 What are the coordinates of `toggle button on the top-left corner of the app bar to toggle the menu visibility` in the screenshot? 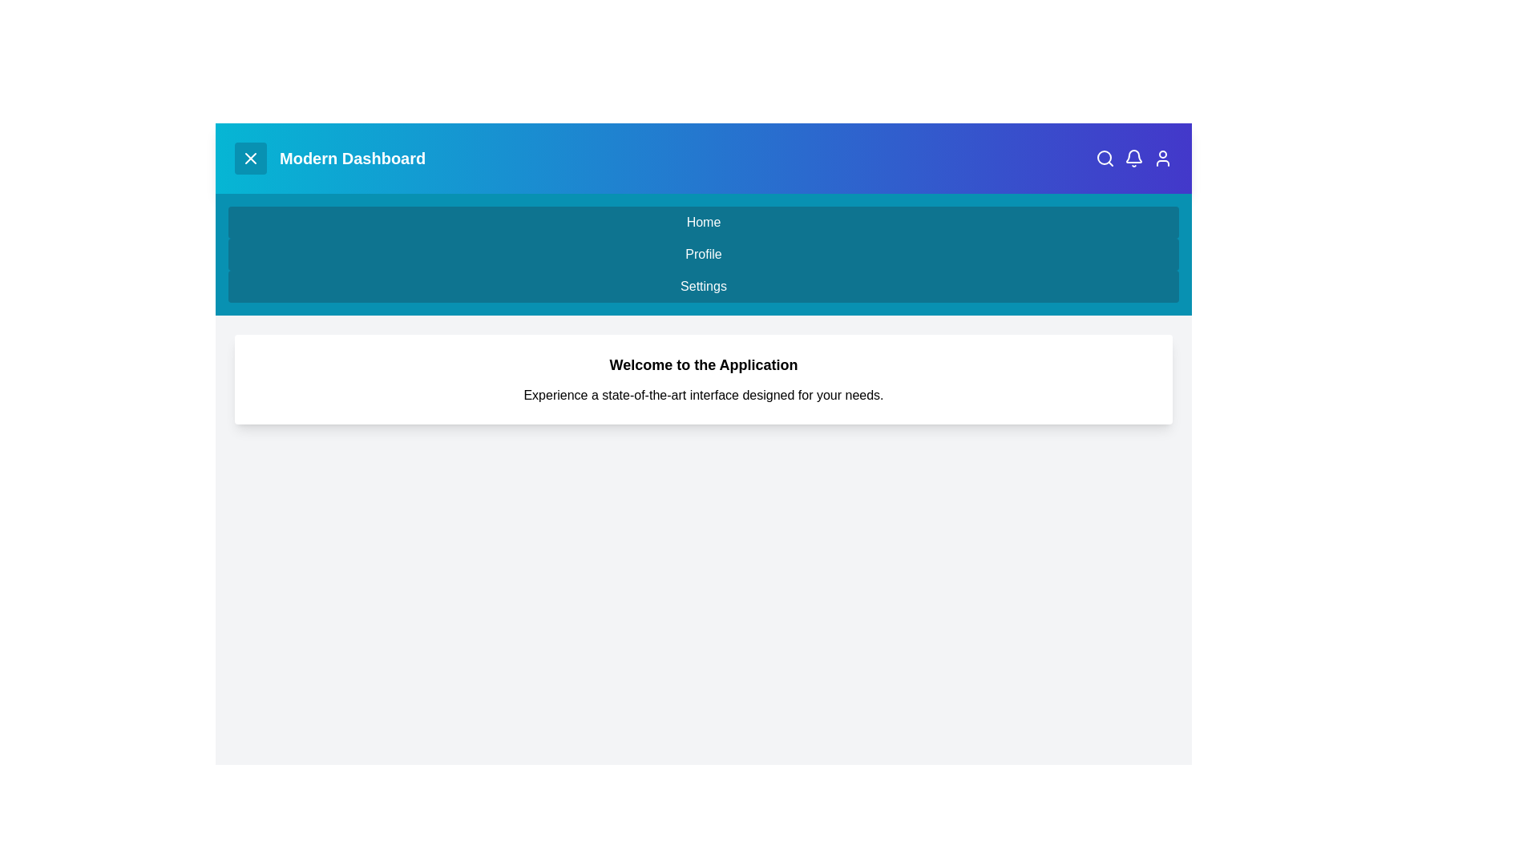 It's located at (249, 158).